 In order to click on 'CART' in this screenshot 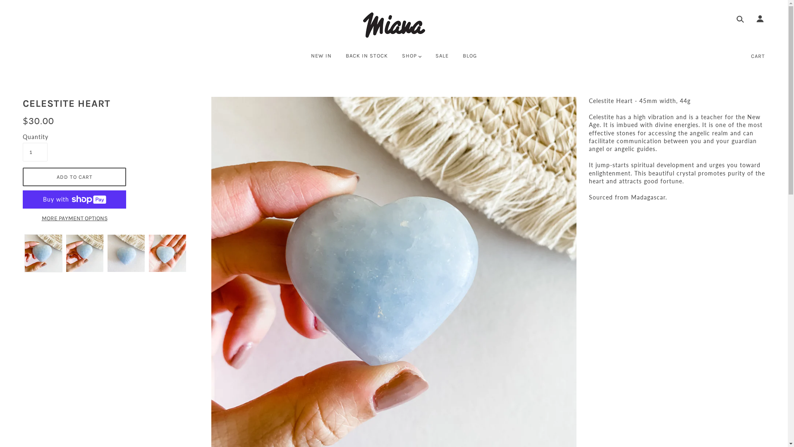, I will do `click(758, 56)`.